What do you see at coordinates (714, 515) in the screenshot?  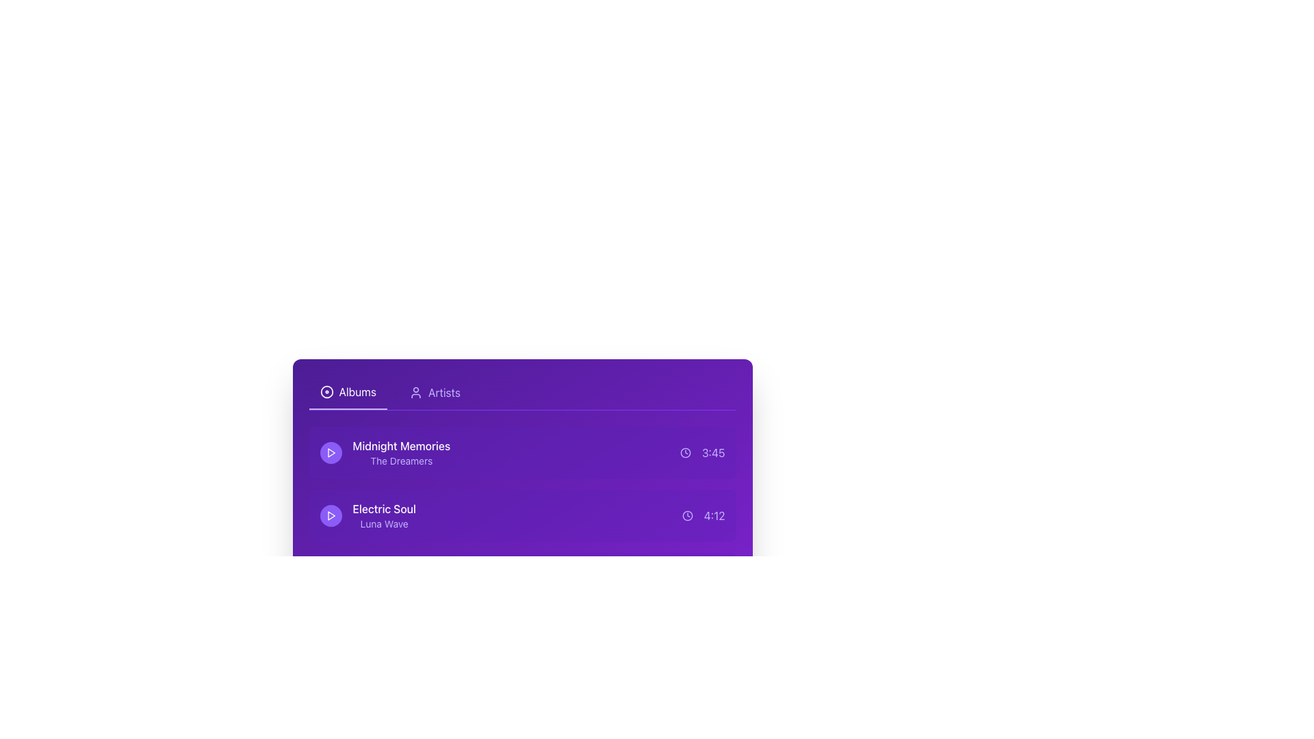 I see `the text label displaying the time '4:12' in violet color, located next to a clock icon` at bounding box center [714, 515].